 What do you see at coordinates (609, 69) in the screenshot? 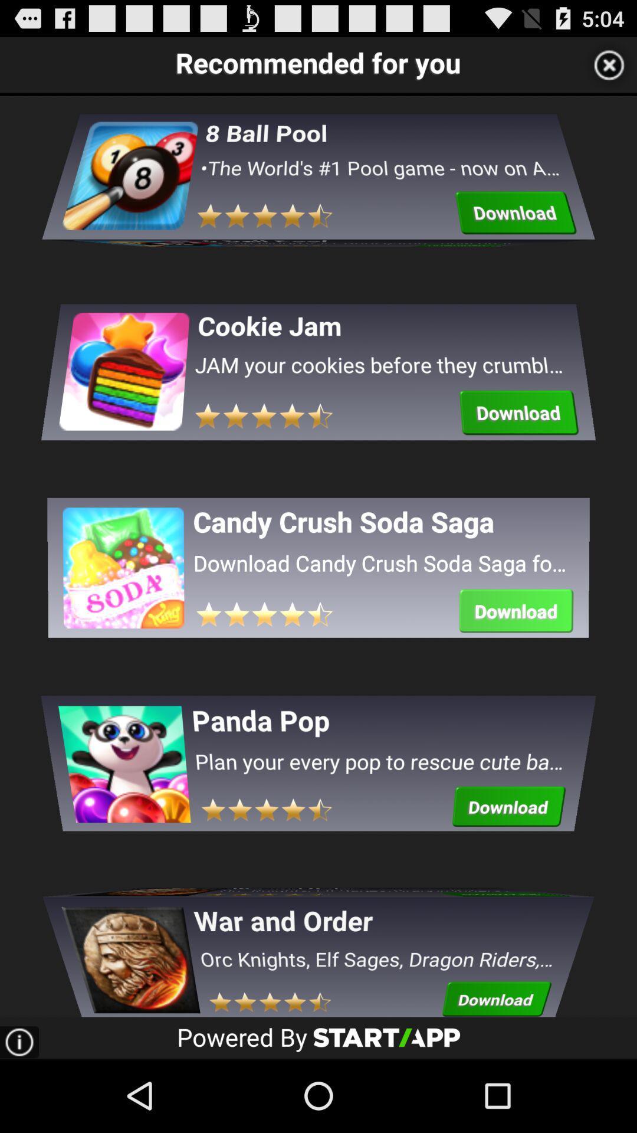
I see `the close icon` at bounding box center [609, 69].